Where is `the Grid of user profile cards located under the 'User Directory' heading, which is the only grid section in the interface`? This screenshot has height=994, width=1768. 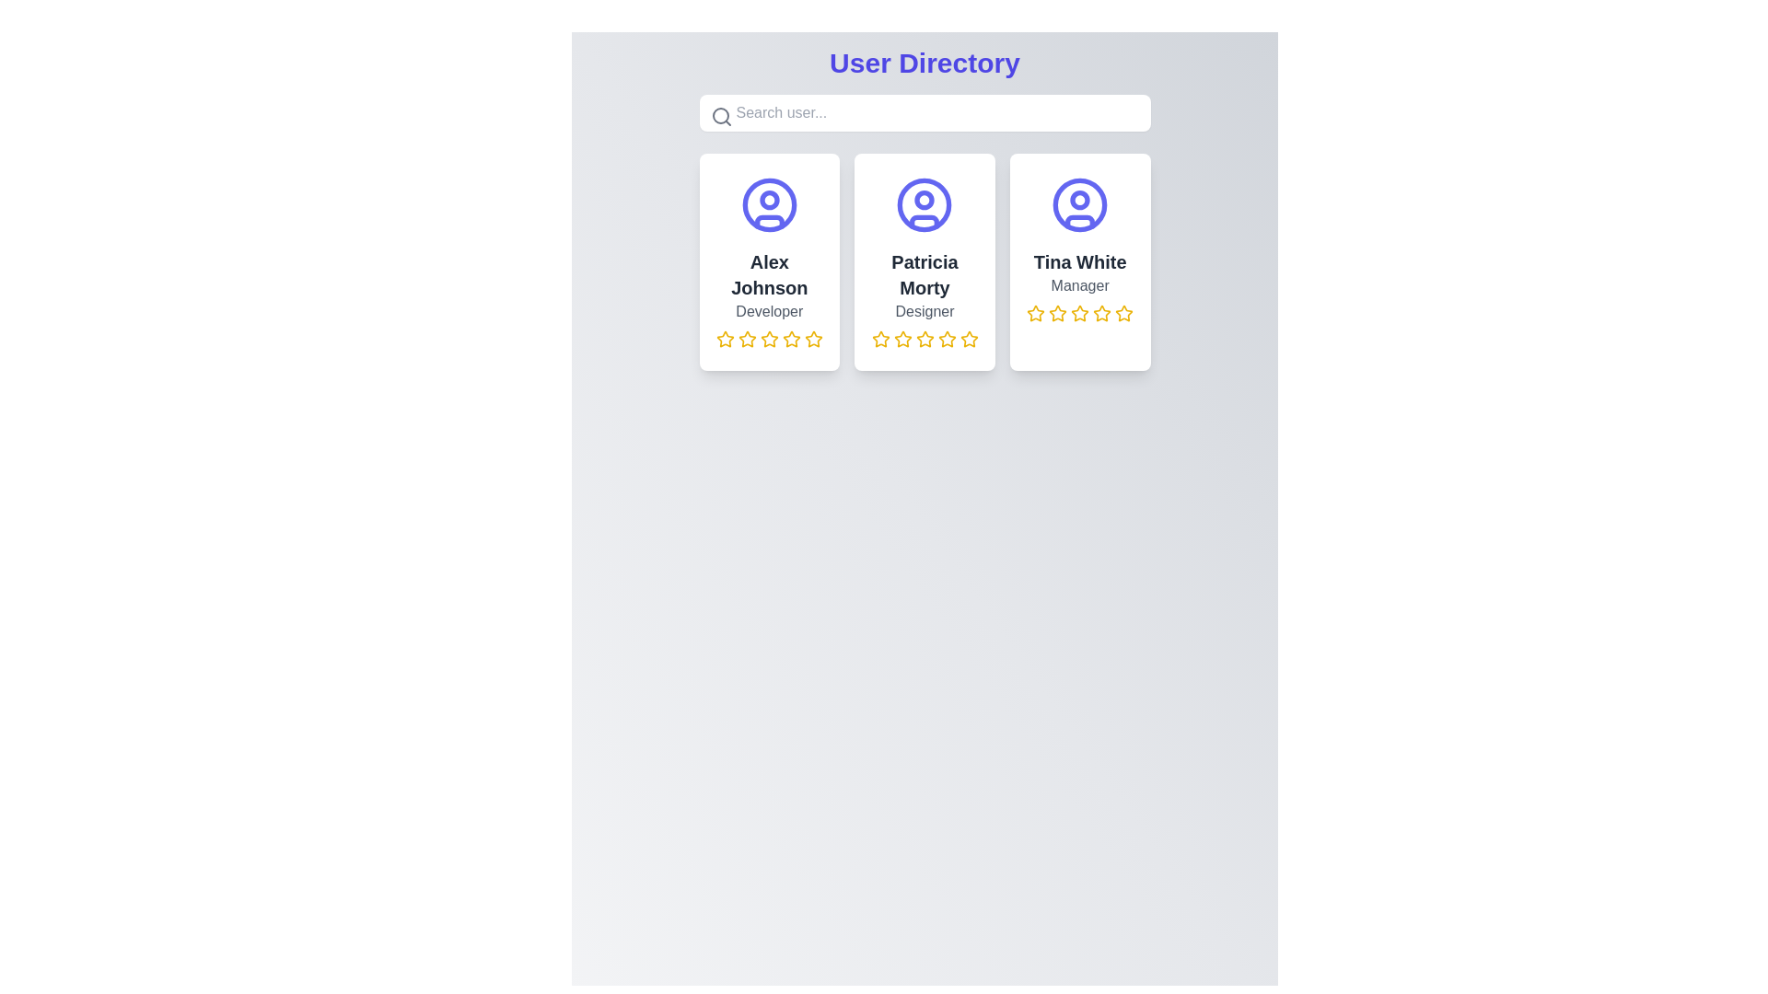
the Grid of user profile cards located under the 'User Directory' heading, which is the only grid section in the interface is located at coordinates (925, 262).